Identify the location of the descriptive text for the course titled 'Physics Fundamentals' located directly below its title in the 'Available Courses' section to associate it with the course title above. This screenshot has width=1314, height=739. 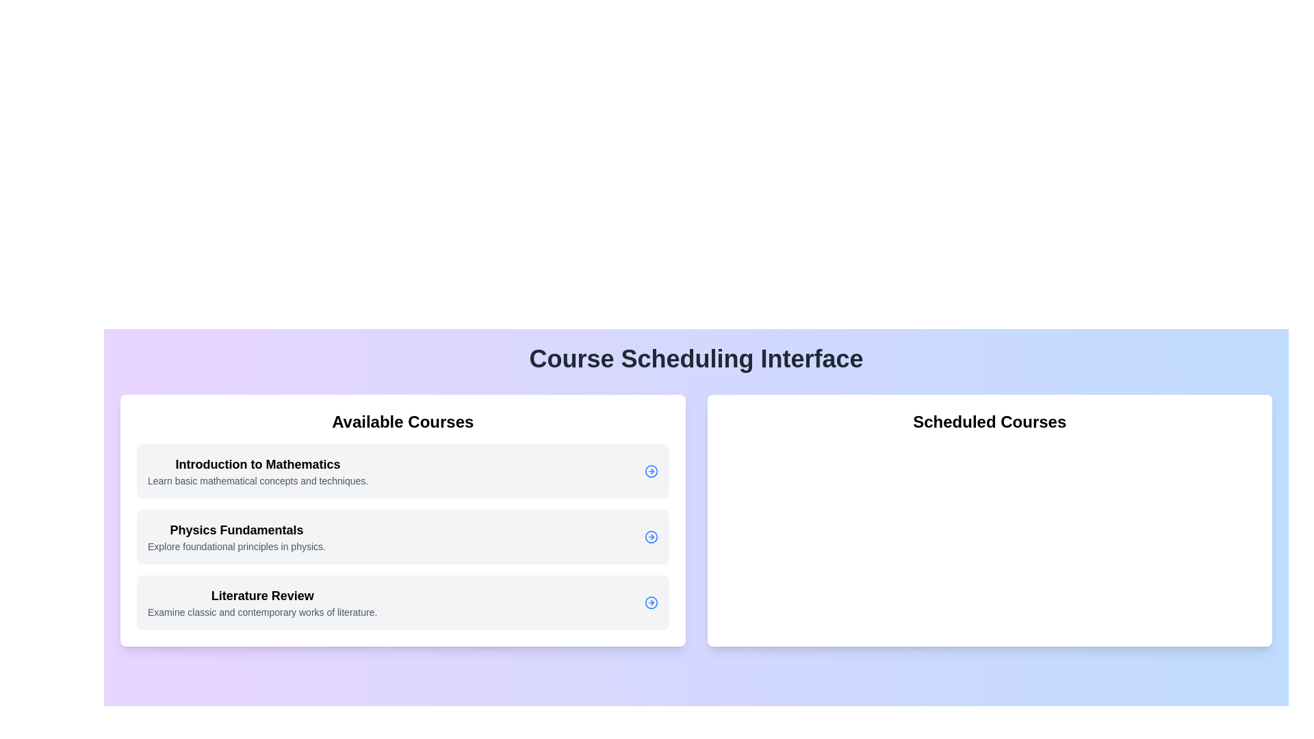
(236, 545).